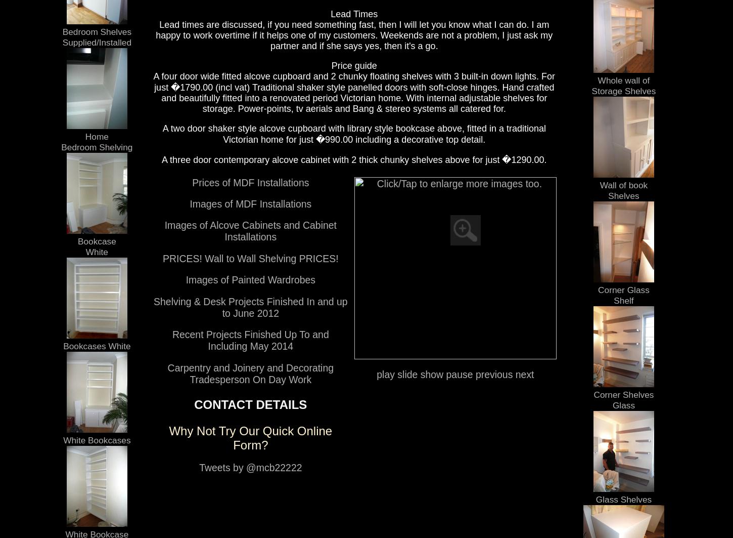  What do you see at coordinates (492, 373) in the screenshot?
I see `'previous'` at bounding box center [492, 373].